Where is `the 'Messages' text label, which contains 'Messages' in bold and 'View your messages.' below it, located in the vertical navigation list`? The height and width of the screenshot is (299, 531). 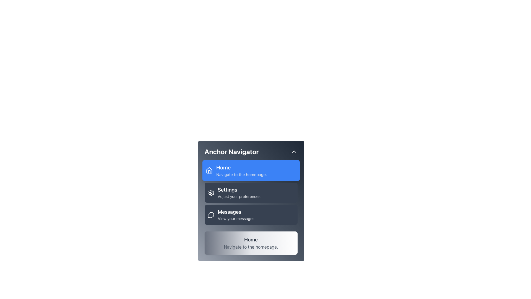 the 'Messages' text label, which contains 'Messages' in bold and 'View your messages.' below it, located in the vertical navigation list is located at coordinates (236, 214).